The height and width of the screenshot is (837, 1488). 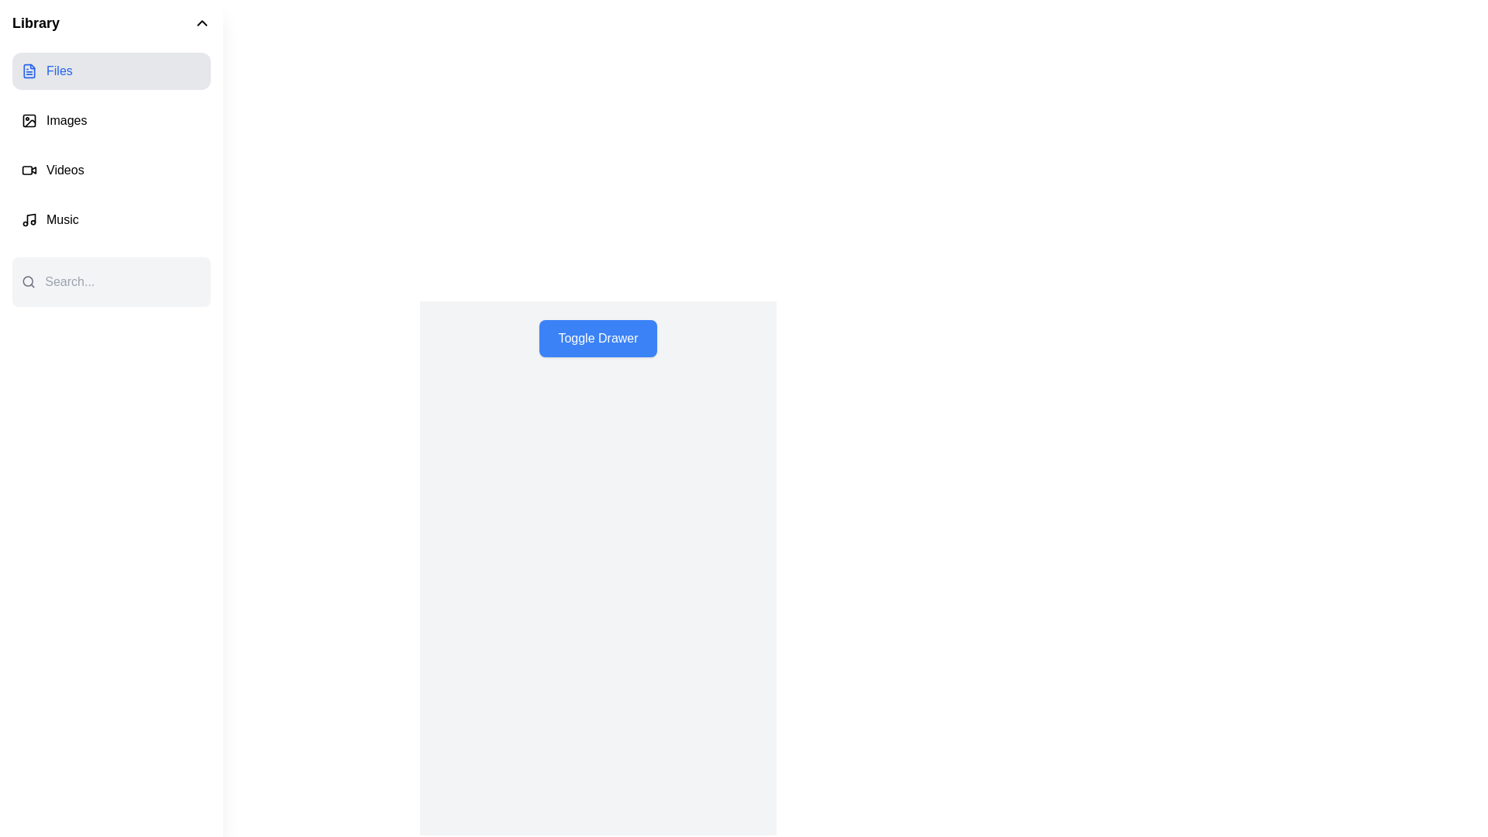 I want to click on the Decorative SVG element (rounded rectangular outline) that is part of the image icon next to the 'Images' label in the sidebar menu, so click(x=29, y=119).